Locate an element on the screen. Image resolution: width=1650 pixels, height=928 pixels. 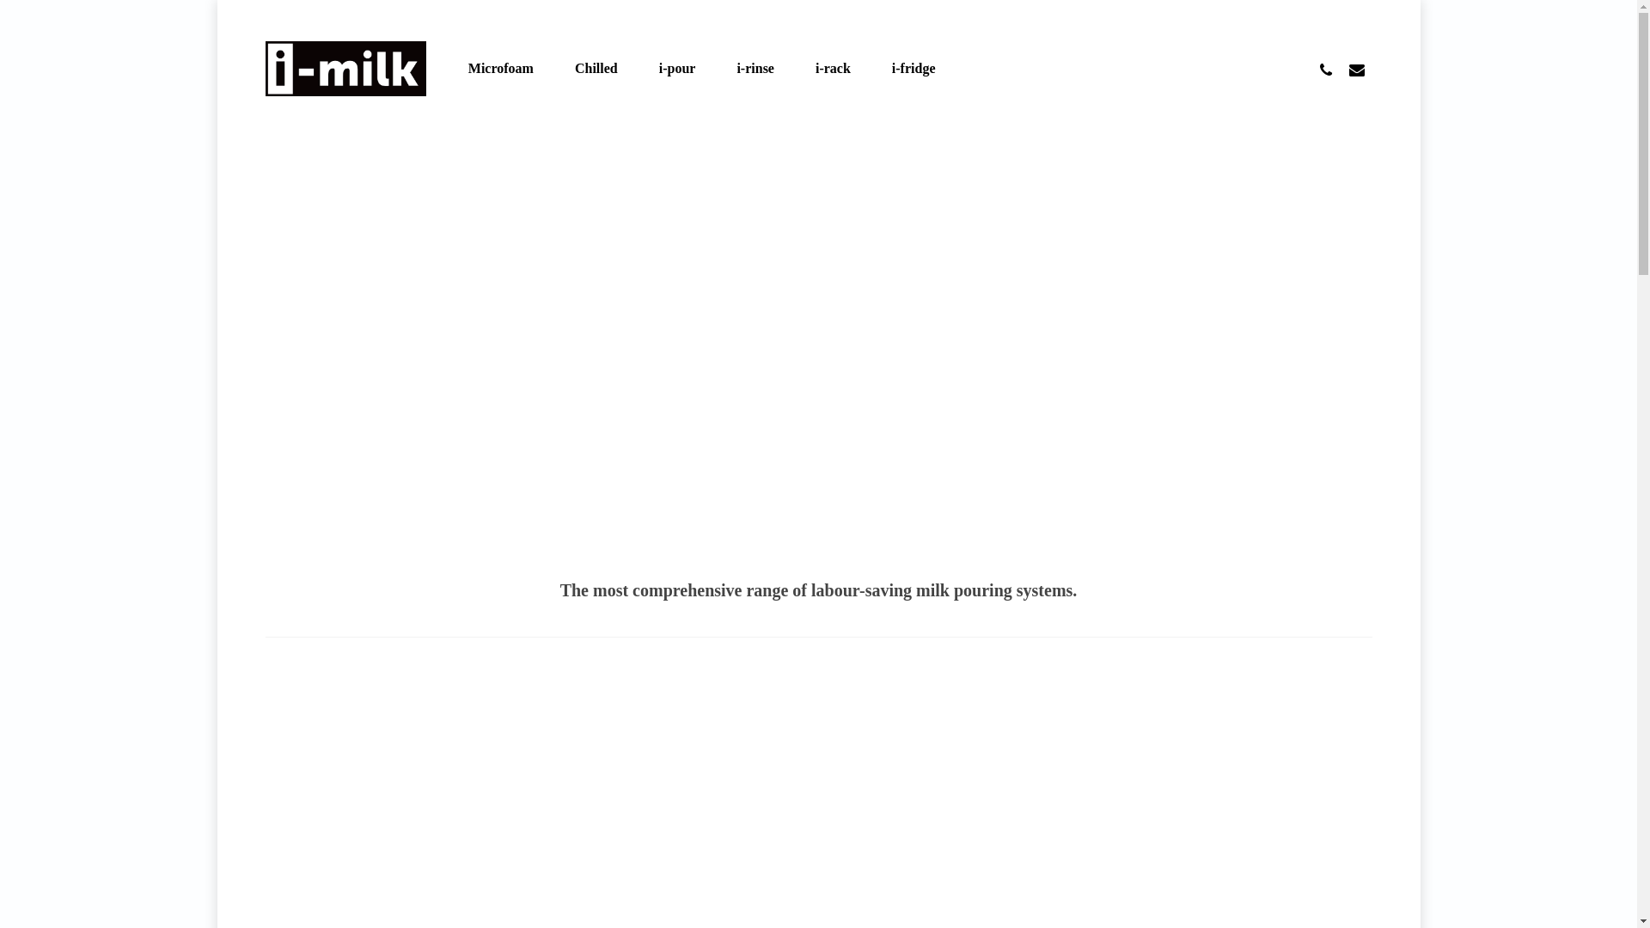
'email' is located at coordinates (1355, 67).